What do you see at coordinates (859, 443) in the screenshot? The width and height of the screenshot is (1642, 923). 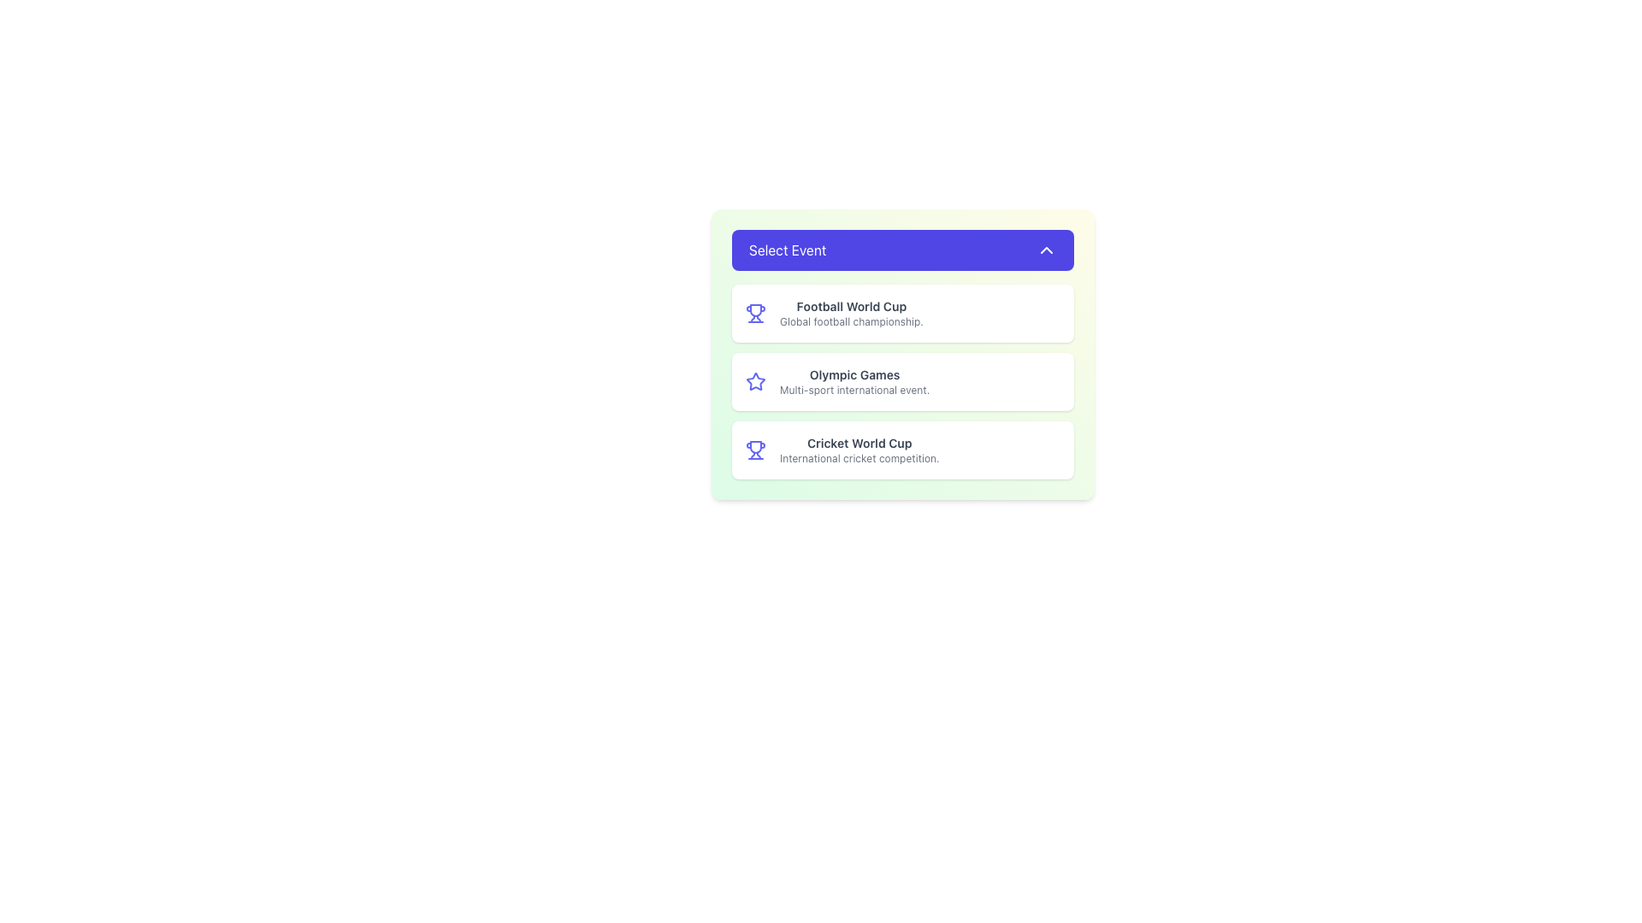 I see `the 'Cricket World Cup' text label, which is a bold heading in dark gray color located at the top of the third item in the vertical list of events under the 'Select Event' dropdown` at bounding box center [859, 443].